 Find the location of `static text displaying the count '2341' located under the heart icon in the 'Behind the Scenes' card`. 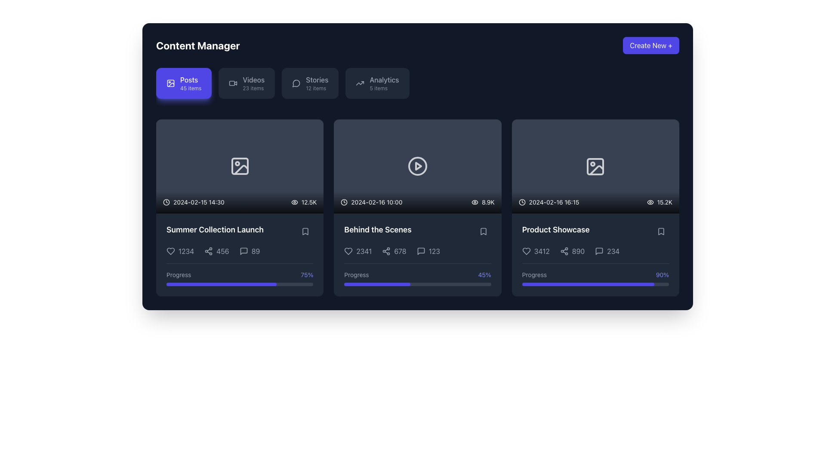

static text displaying the count '2341' located under the heart icon in the 'Behind the Scenes' card is located at coordinates (364, 251).